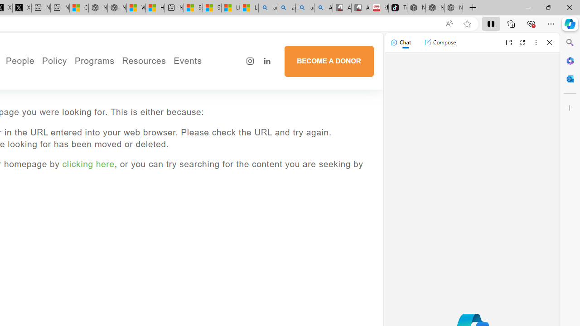 The height and width of the screenshot is (326, 580). I want to click on 'Nordace Siena Pro 15 Backpack', so click(435, 8).